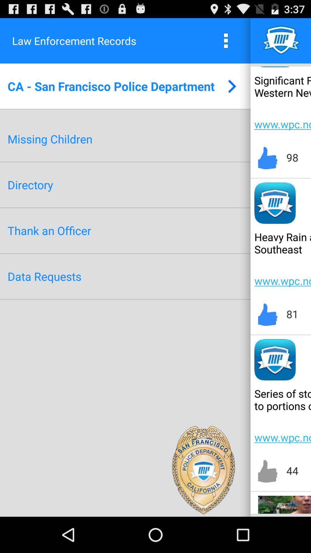 This screenshot has height=553, width=311. Describe the element at coordinates (49, 230) in the screenshot. I see `the icon above data requests` at that location.